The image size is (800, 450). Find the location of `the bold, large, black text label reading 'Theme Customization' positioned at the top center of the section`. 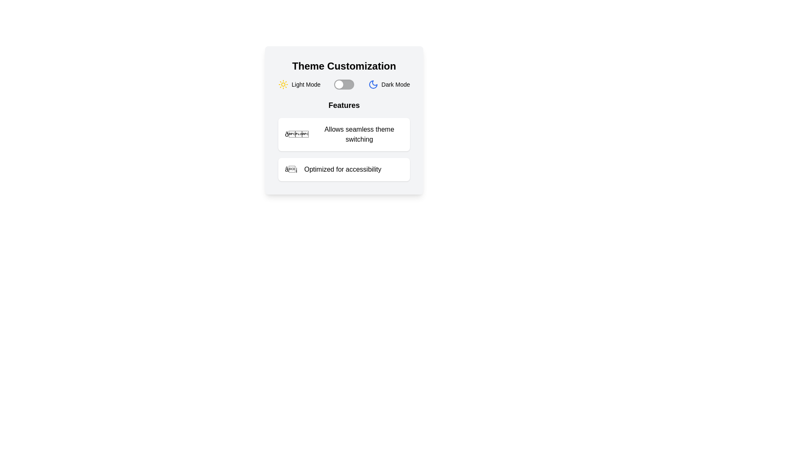

the bold, large, black text label reading 'Theme Customization' positioned at the top center of the section is located at coordinates (344, 65).